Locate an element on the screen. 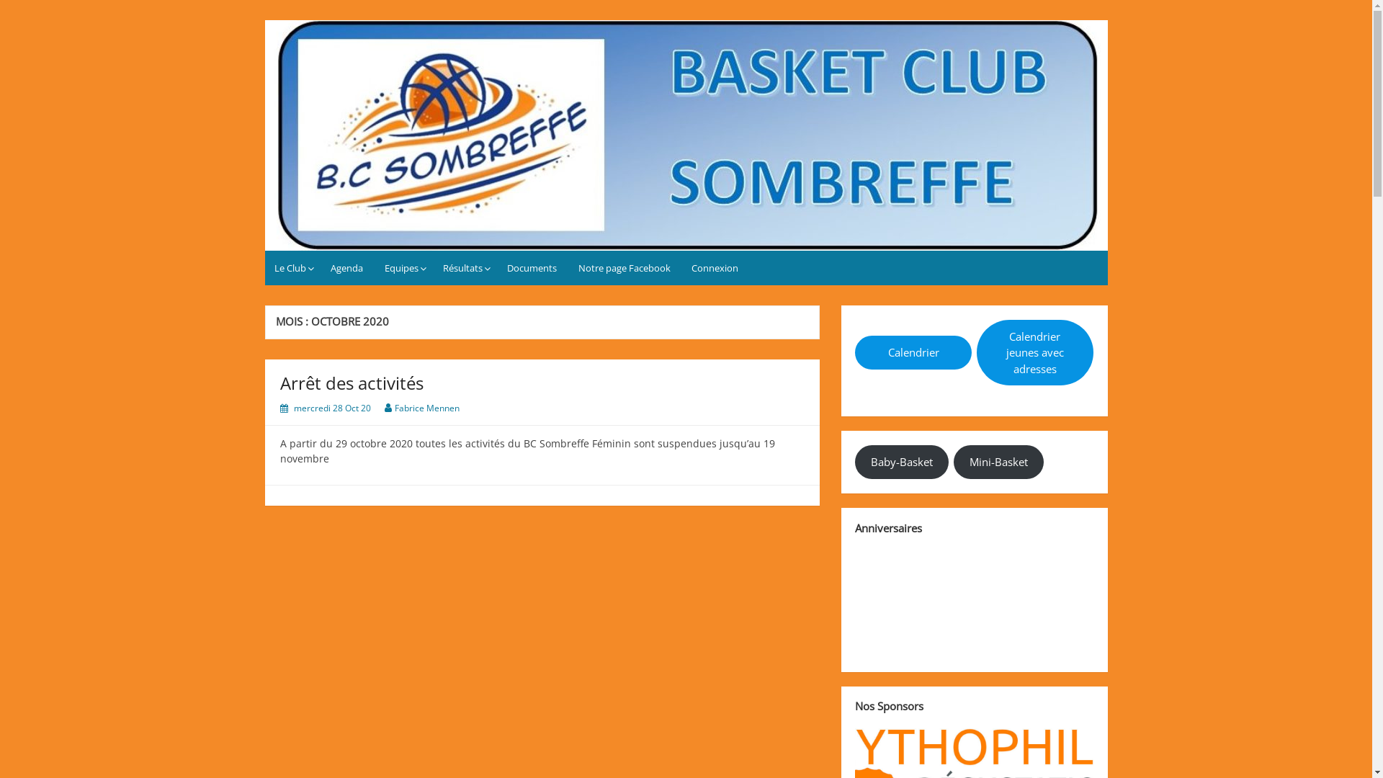 The width and height of the screenshot is (1383, 778). 'Calendrier' is located at coordinates (854, 352).